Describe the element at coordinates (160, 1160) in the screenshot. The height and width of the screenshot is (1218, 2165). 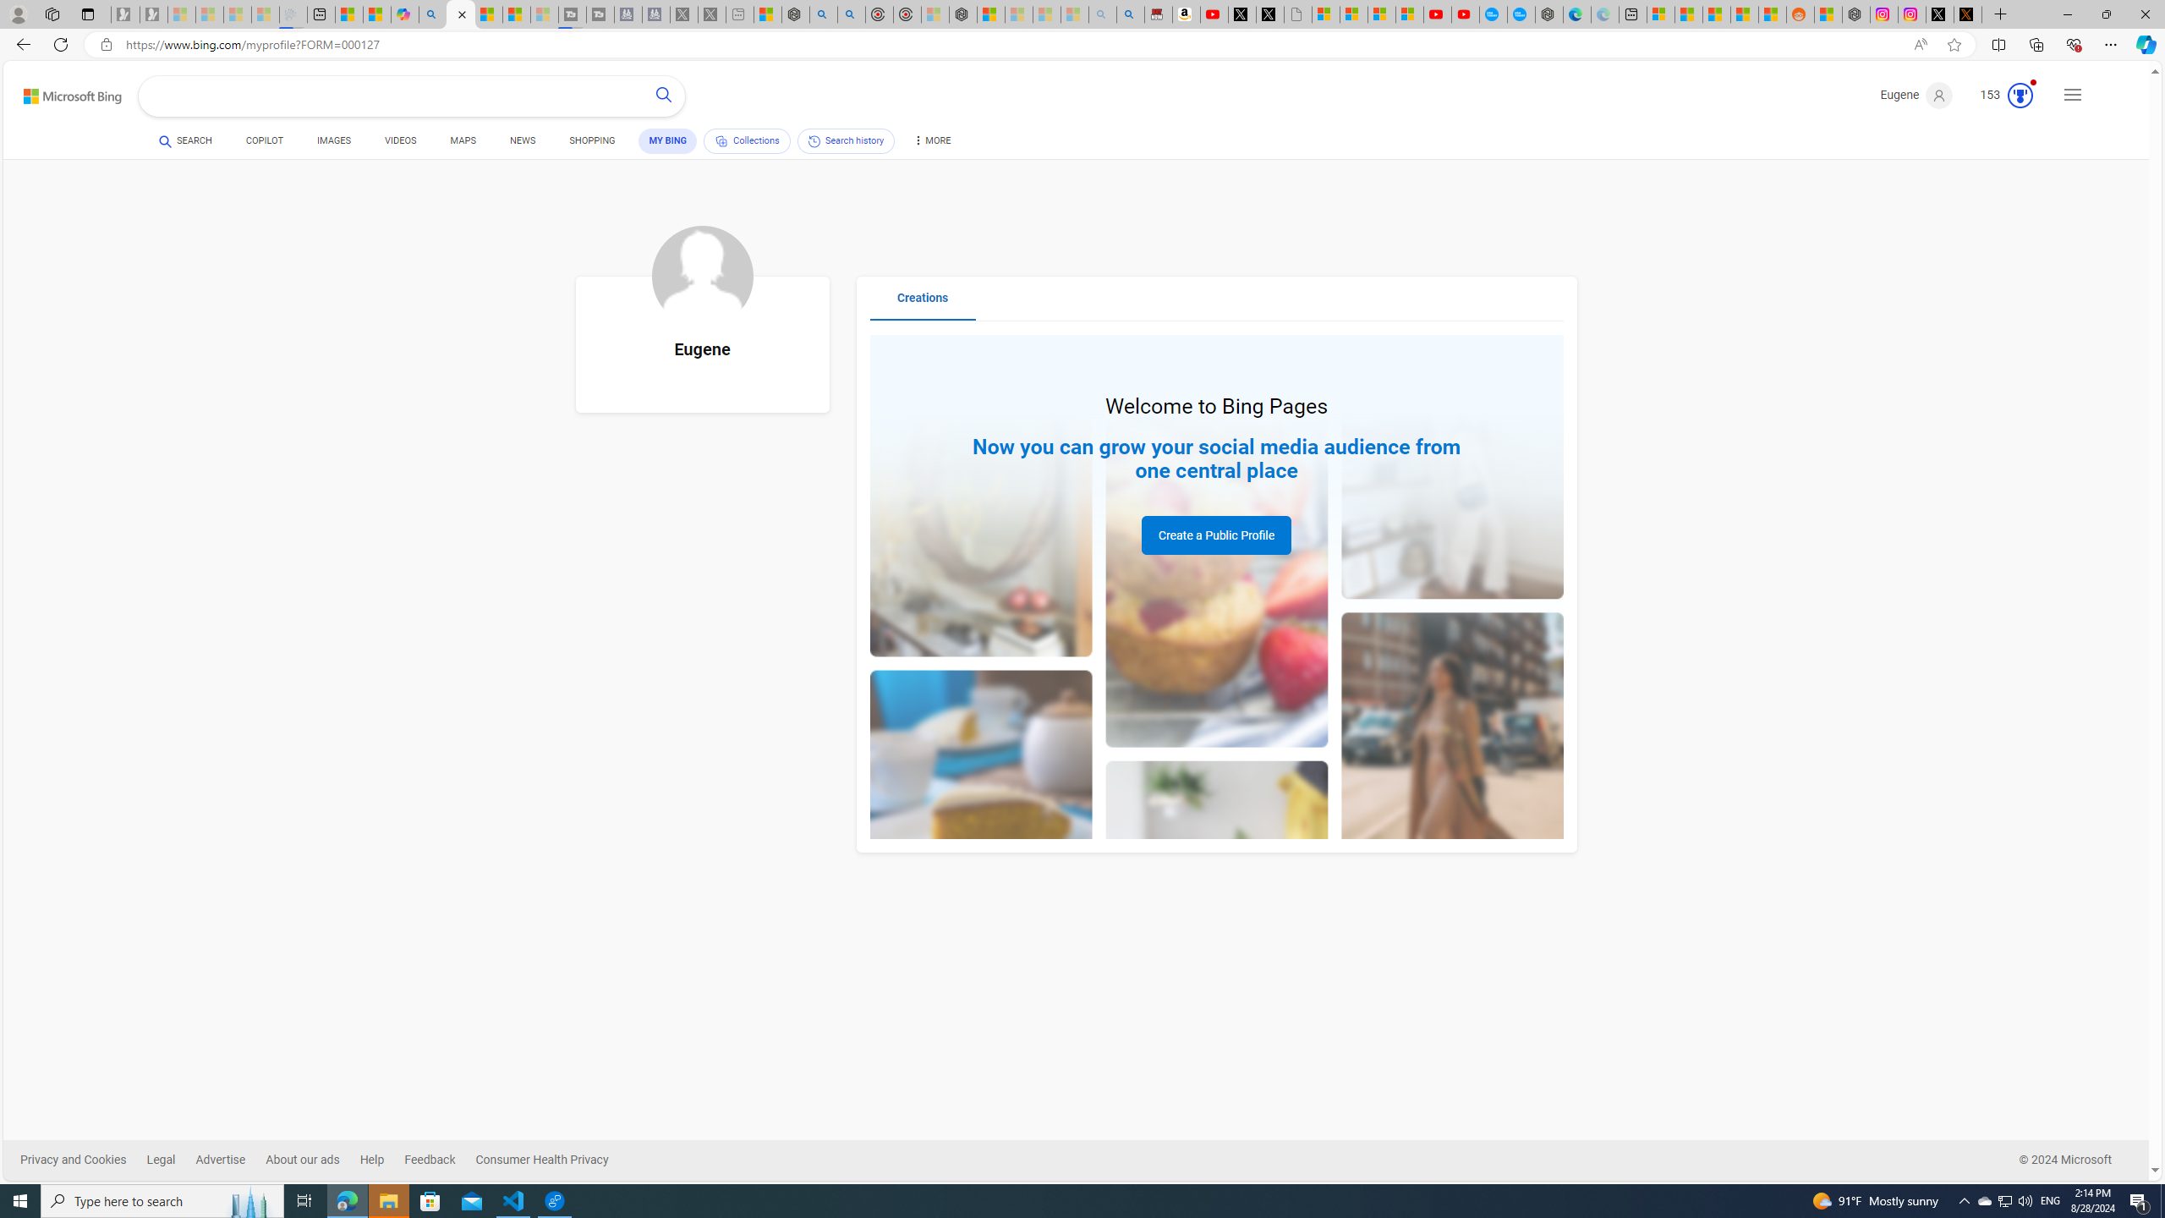
I see `'Legal'` at that location.